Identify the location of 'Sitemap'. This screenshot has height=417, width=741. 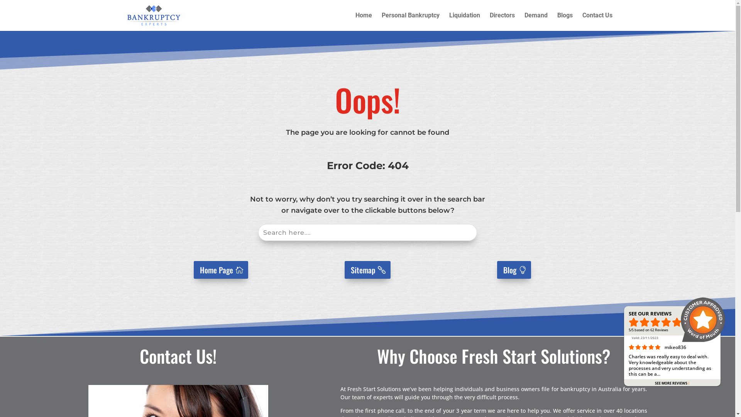
(367, 269).